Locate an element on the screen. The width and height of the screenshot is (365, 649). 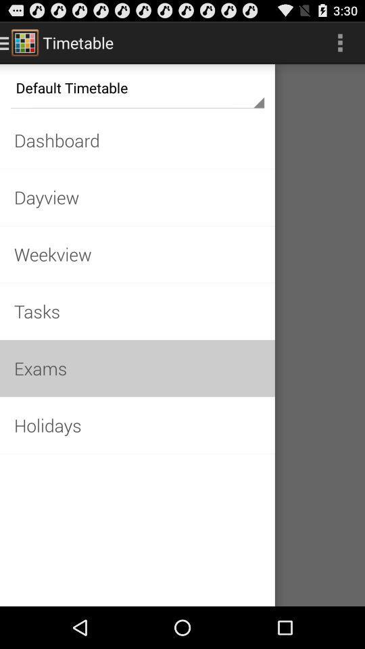
the icon beside the timetable is located at coordinates (24, 42).